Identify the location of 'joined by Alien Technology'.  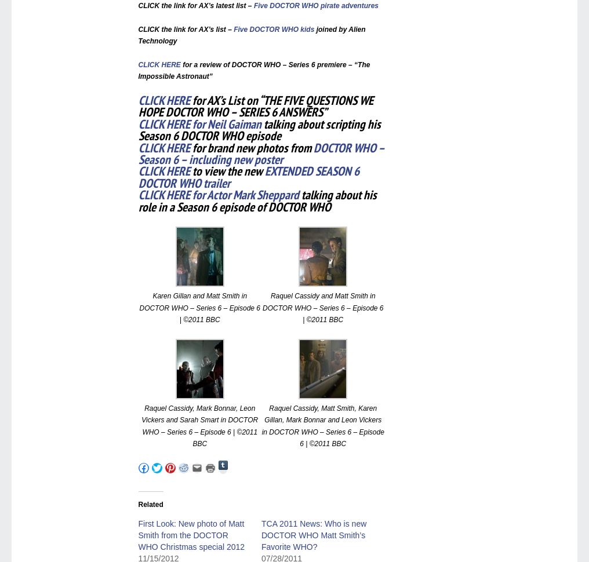
(251, 34).